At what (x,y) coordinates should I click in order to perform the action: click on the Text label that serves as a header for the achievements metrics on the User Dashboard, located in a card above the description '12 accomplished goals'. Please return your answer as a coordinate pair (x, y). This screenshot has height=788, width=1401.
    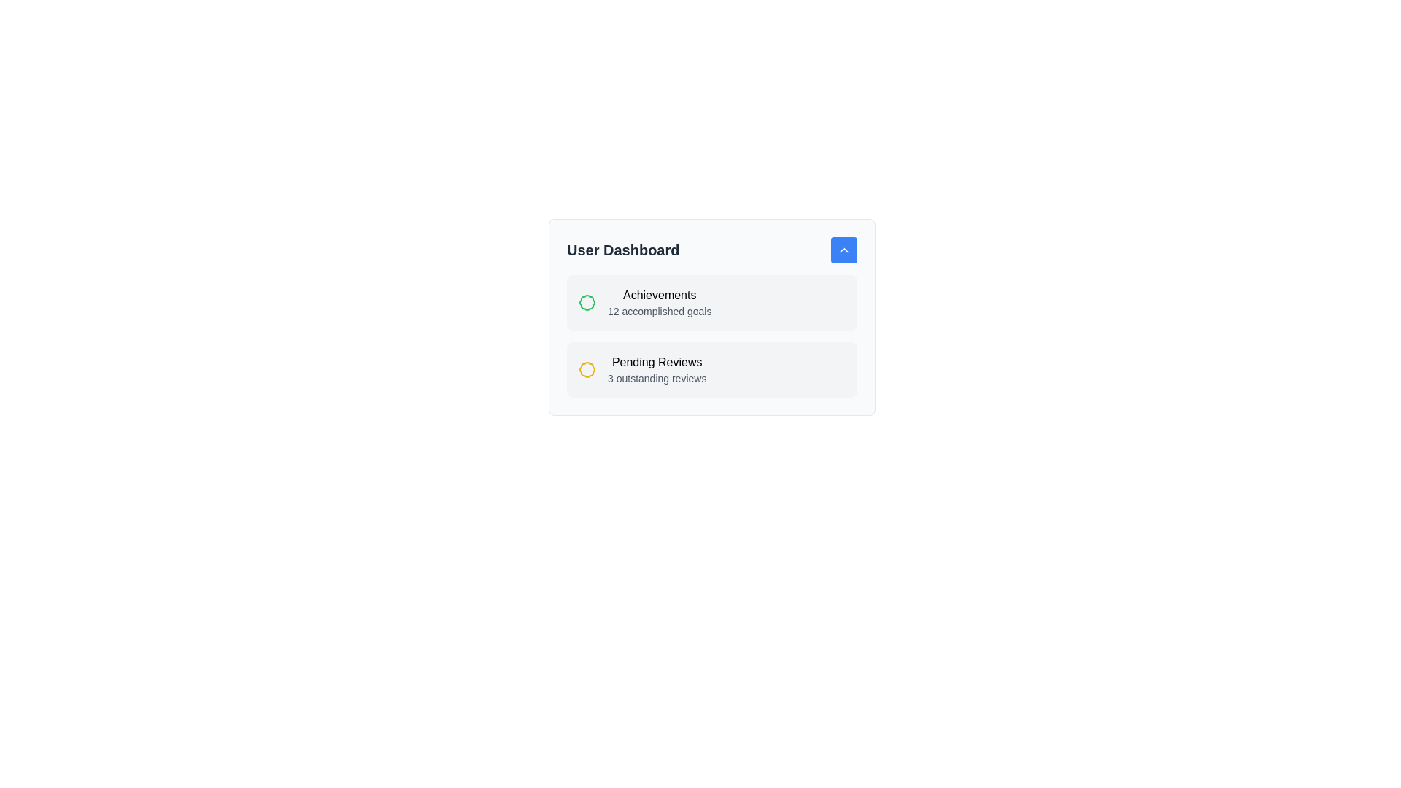
    Looking at the image, I should click on (659, 295).